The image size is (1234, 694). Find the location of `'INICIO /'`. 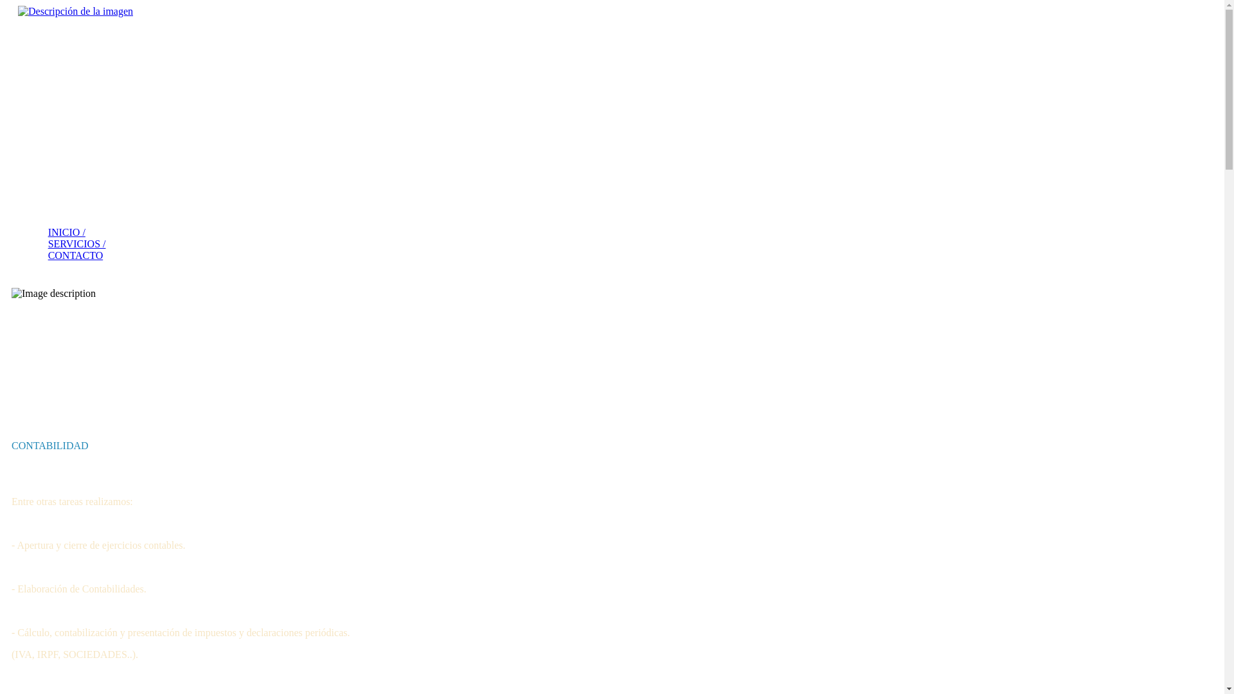

'INICIO /' is located at coordinates (66, 232).